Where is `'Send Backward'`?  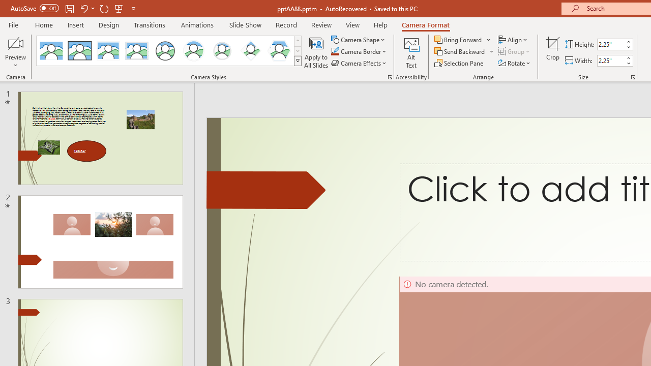
'Send Backward' is located at coordinates (460, 51).